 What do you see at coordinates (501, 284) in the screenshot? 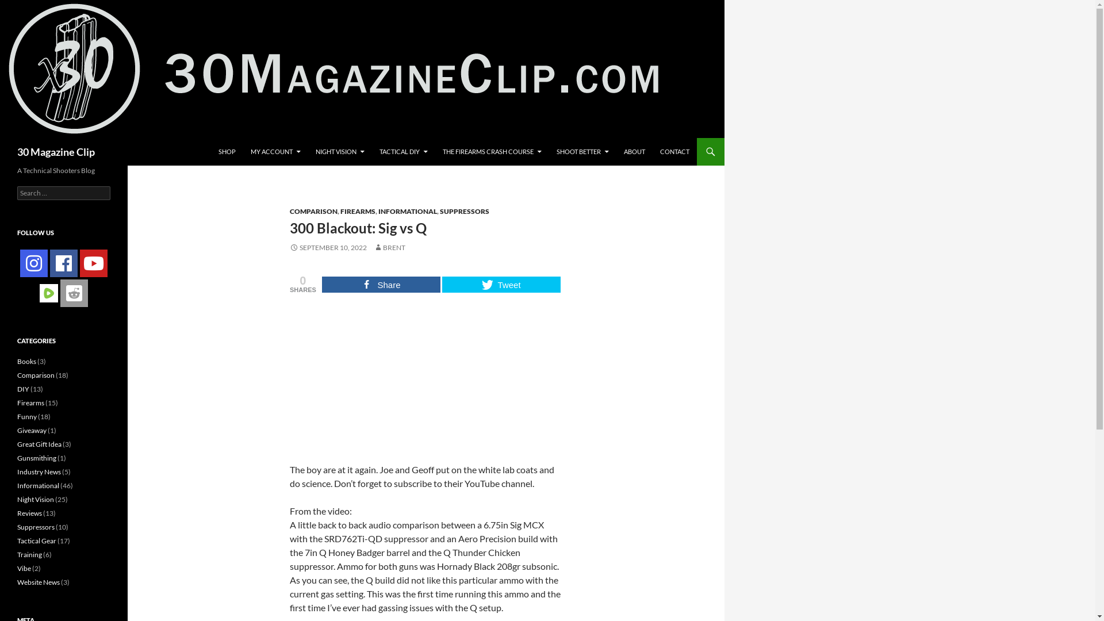
I see `'Tweet'` at bounding box center [501, 284].